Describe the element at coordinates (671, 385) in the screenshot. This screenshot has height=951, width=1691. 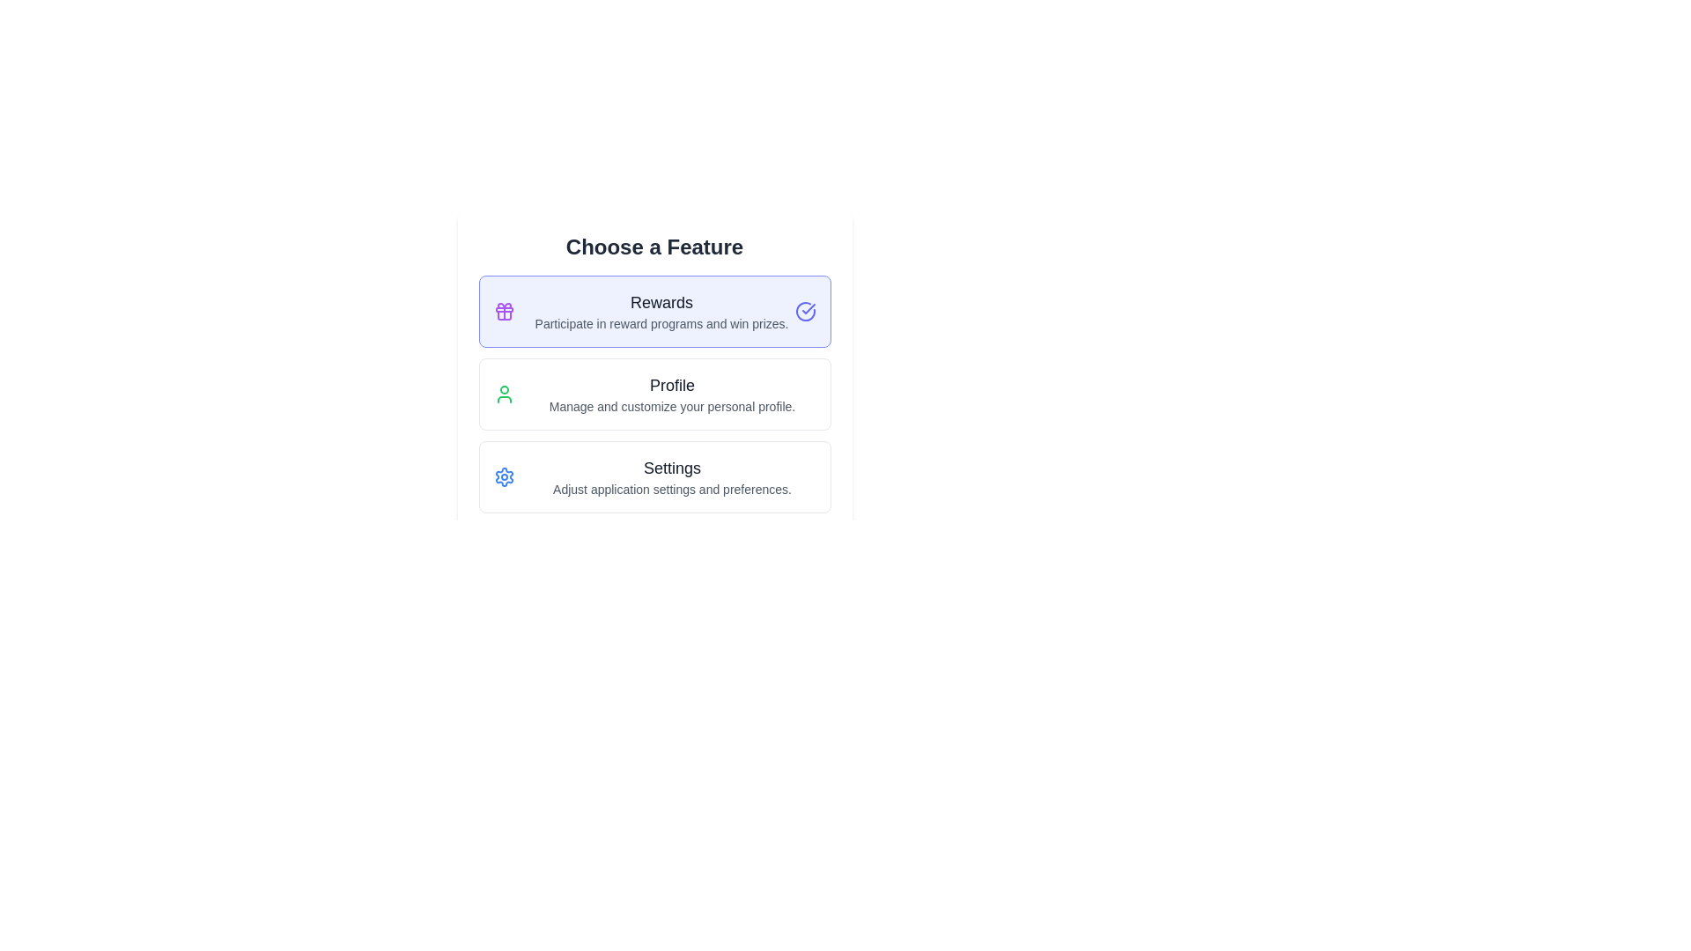
I see `the Text Label that serves as the header for the Profile section, located between the Rewards and Settings sections` at that location.